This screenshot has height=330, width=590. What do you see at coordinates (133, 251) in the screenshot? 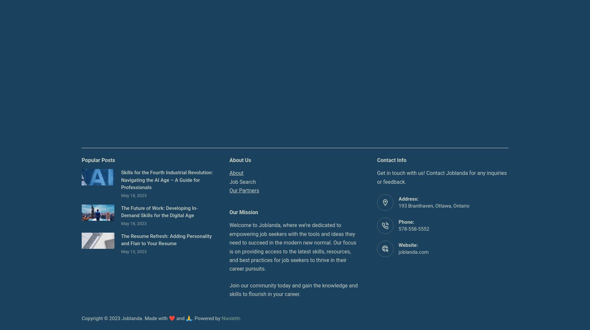
I see `'May 13, 2023'` at bounding box center [133, 251].